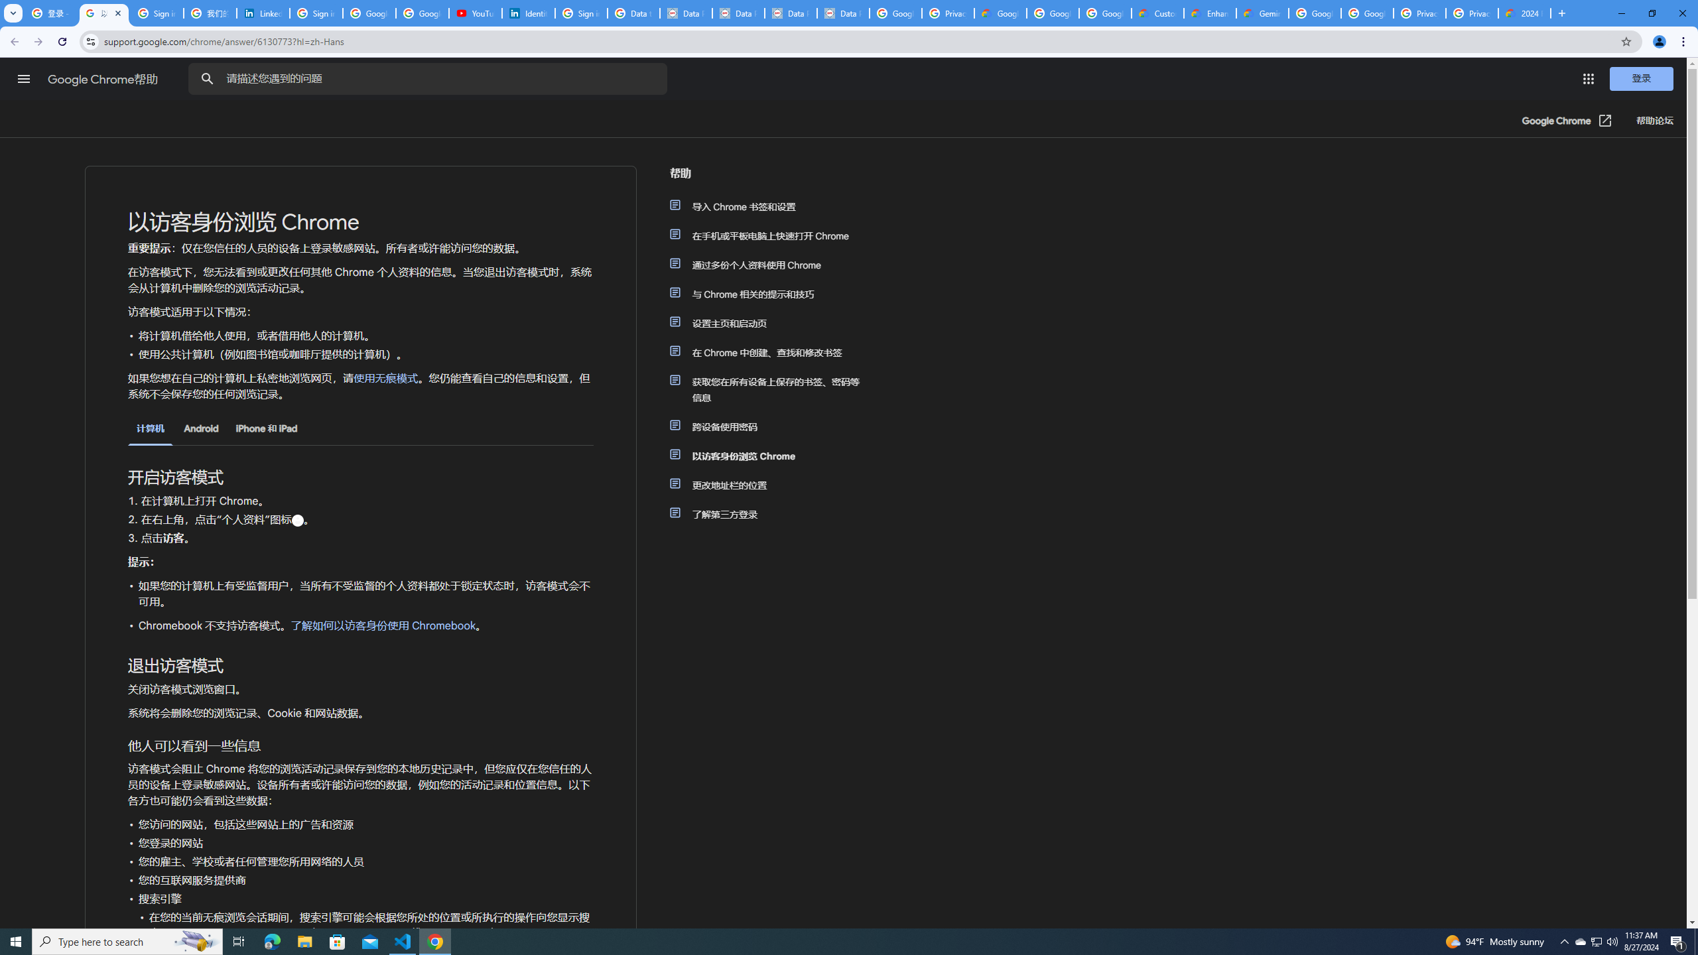 This screenshot has height=955, width=1698. Describe the element at coordinates (1052, 13) in the screenshot. I see `'Google Workspace - Specific Terms'` at that location.